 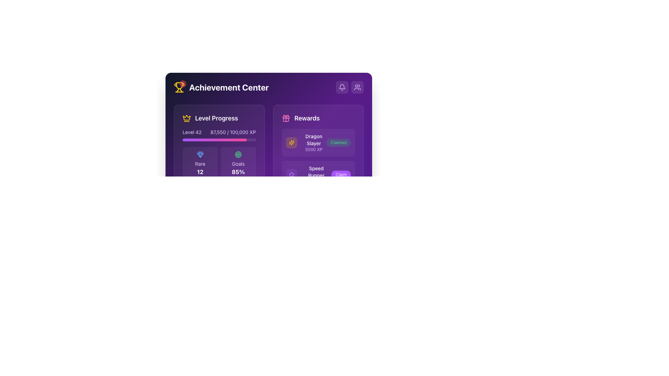 What do you see at coordinates (318, 174) in the screenshot?
I see `details of the 'Speed Runner' reward associated with 3000 XP on the Reward card located under the 'Dragon Slayer' card in the 'Rewards' section of the Achievement Center interface` at bounding box center [318, 174].